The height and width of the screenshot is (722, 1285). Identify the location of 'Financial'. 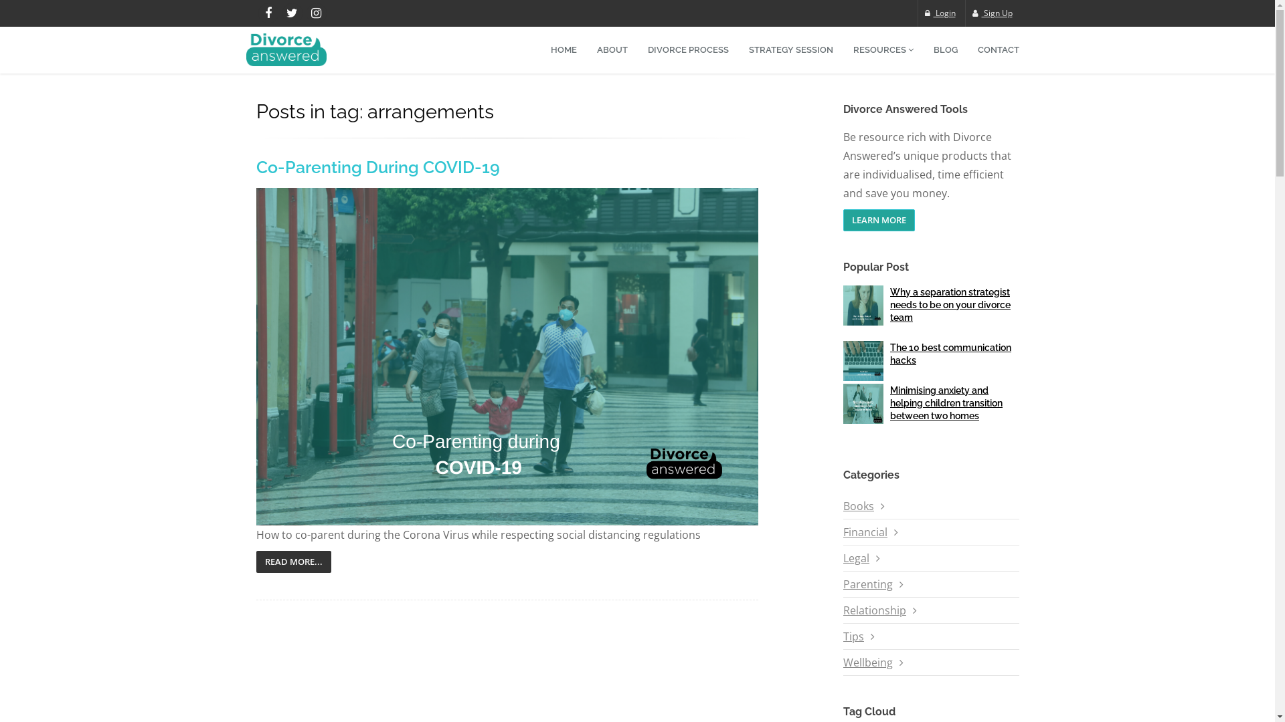
(865, 531).